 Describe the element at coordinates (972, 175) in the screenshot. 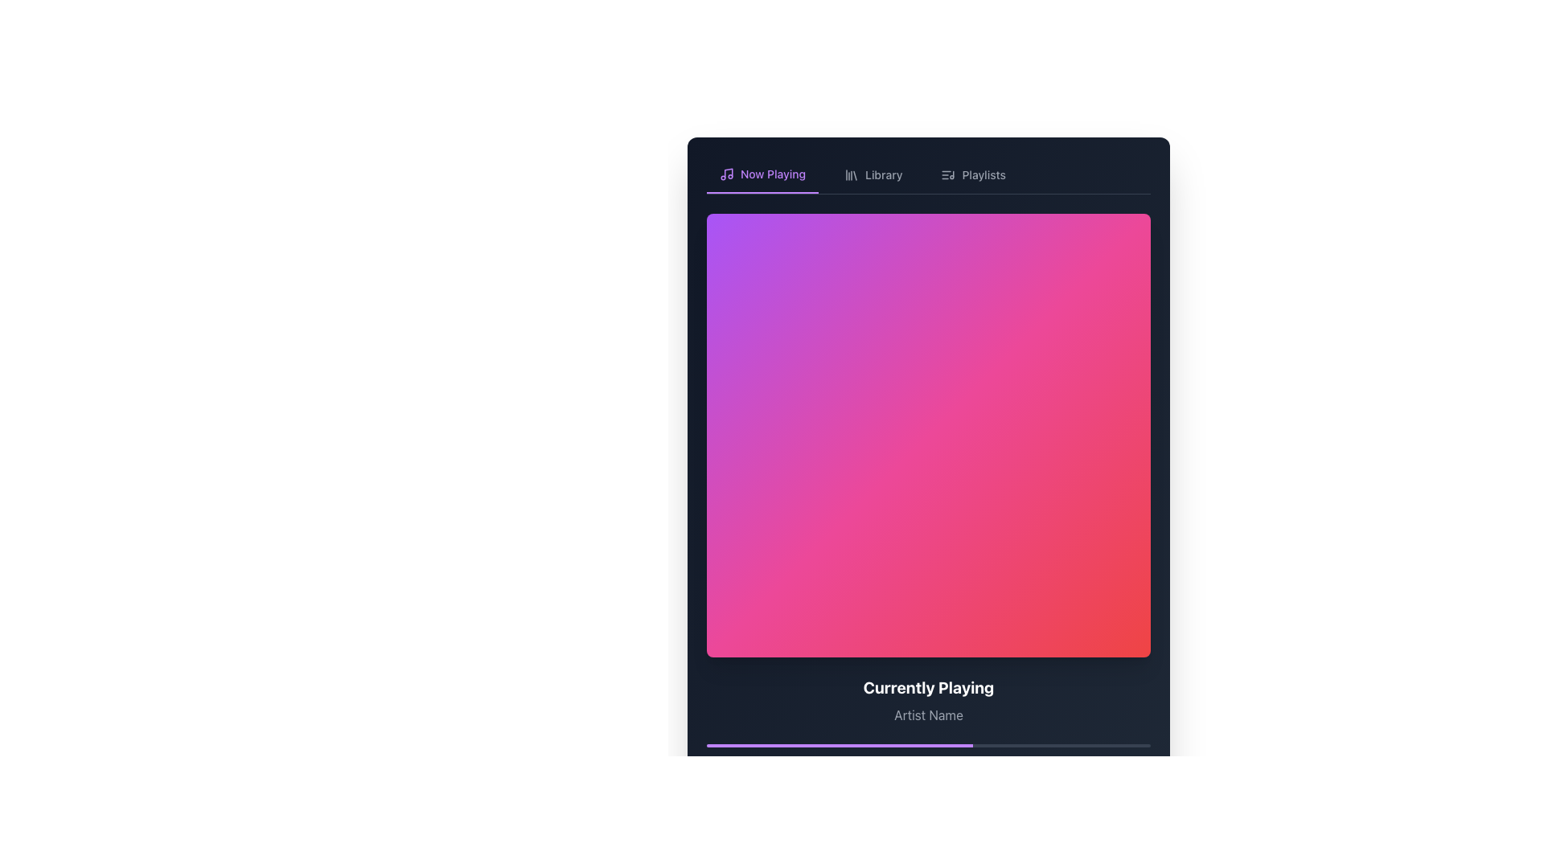

I see `the third Text-label menu item with an icon` at that location.